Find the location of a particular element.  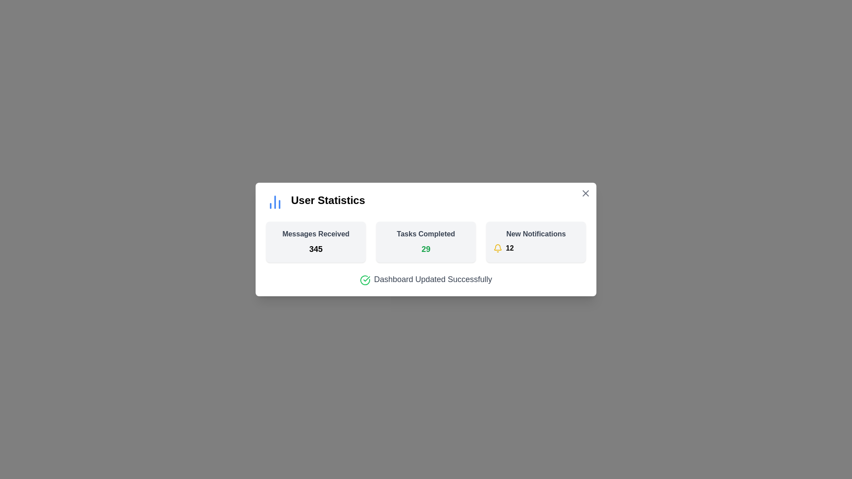

the bold green checkmark icon within the circular graphic that indicates success in the user statistics panel labeled 'Dashboard Updated Successfully' is located at coordinates (367, 278).